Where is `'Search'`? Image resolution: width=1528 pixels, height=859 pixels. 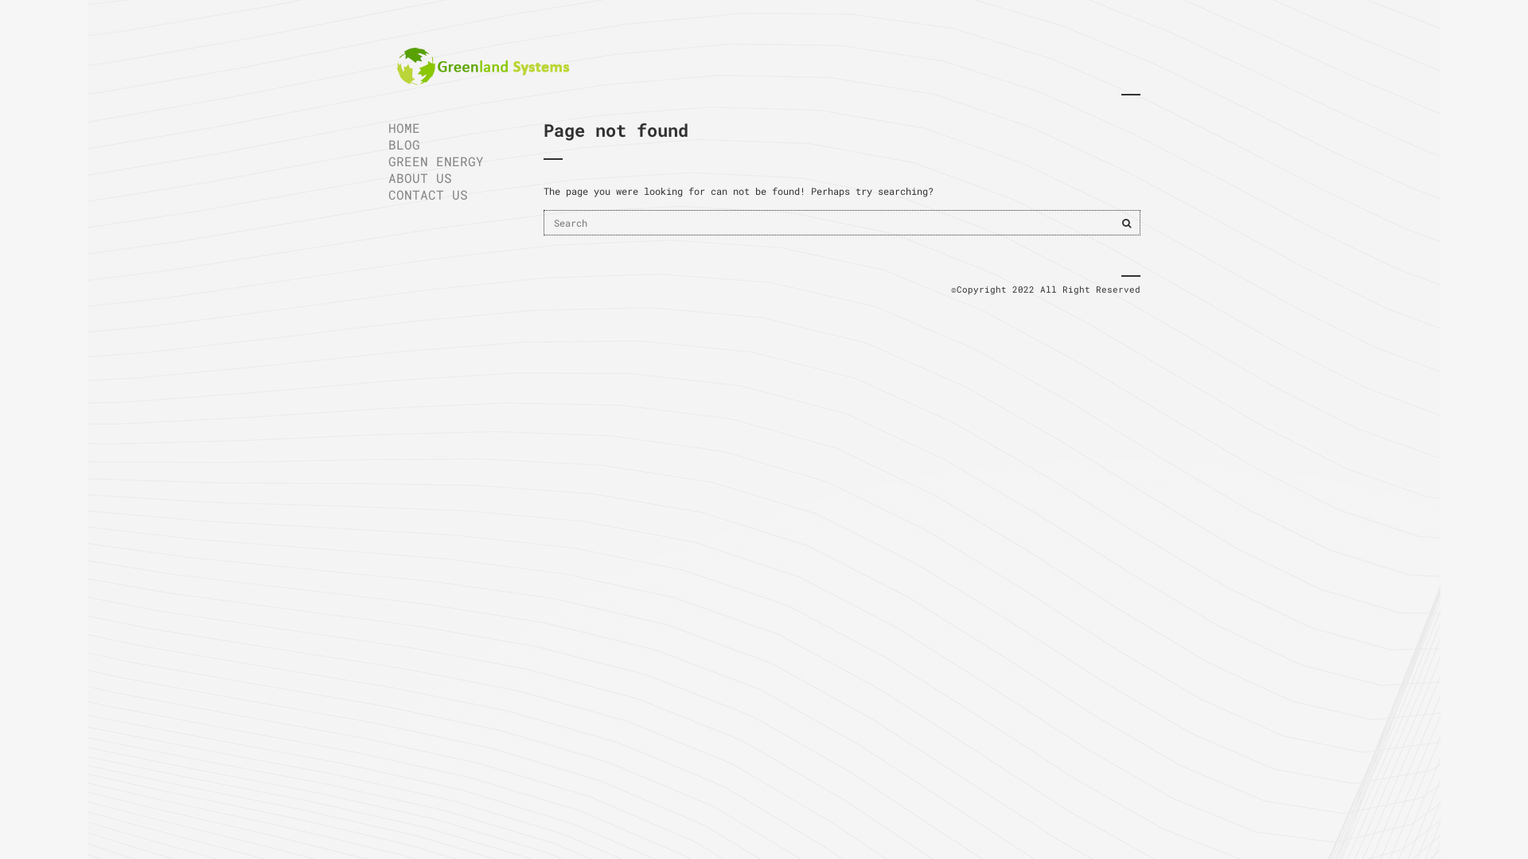 'Search' is located at coordinates (1125, 223).